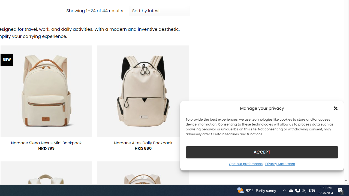  What do you see at coordinates (245, 163) in the screenshot?
I see `'Opt-out preferences'` at bounding box center [245, 163].